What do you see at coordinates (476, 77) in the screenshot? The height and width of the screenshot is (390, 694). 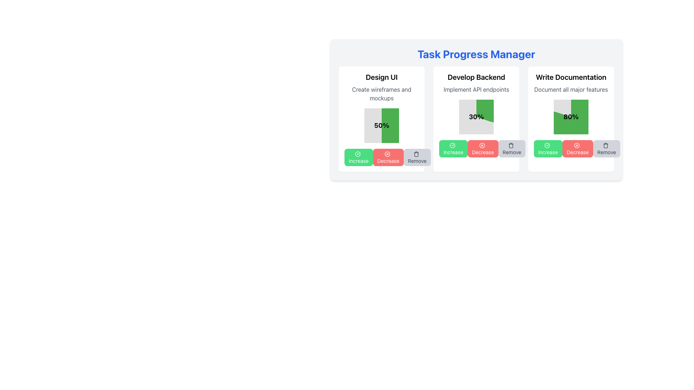 I see `the text label that serves as a title or heading for the associated card in the center of a three-card layout within the Task Progress Manager interface` at bounding box center [476, 77].